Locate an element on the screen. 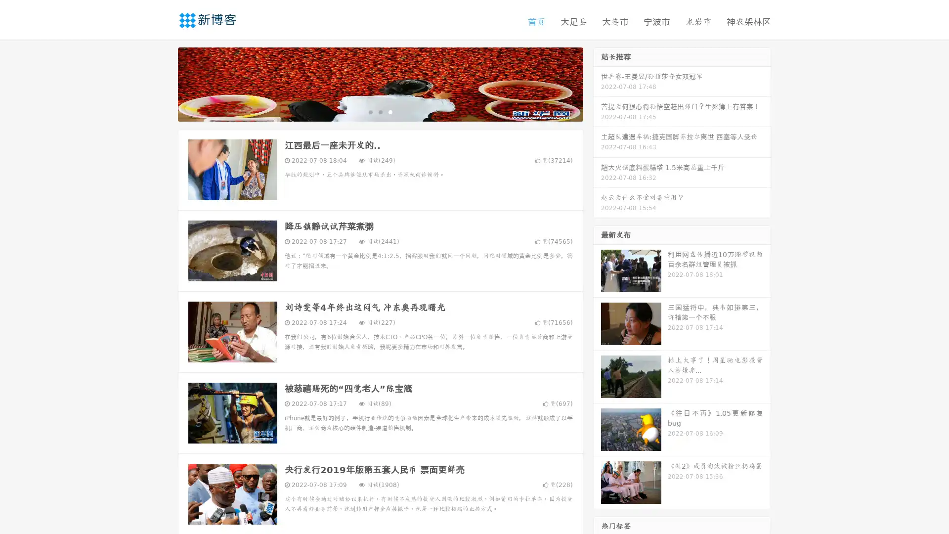  Previous slide is located at coordinates (163, 83).